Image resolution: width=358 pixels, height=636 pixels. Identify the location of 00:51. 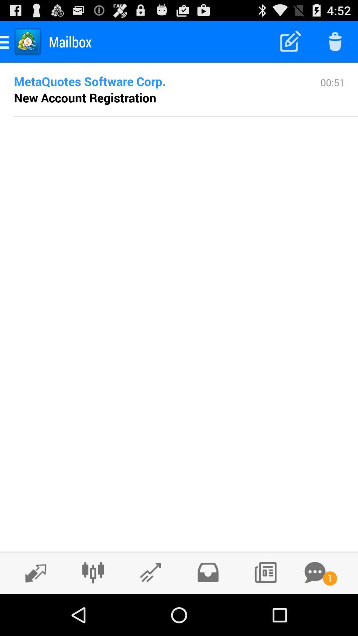
(332, 95).